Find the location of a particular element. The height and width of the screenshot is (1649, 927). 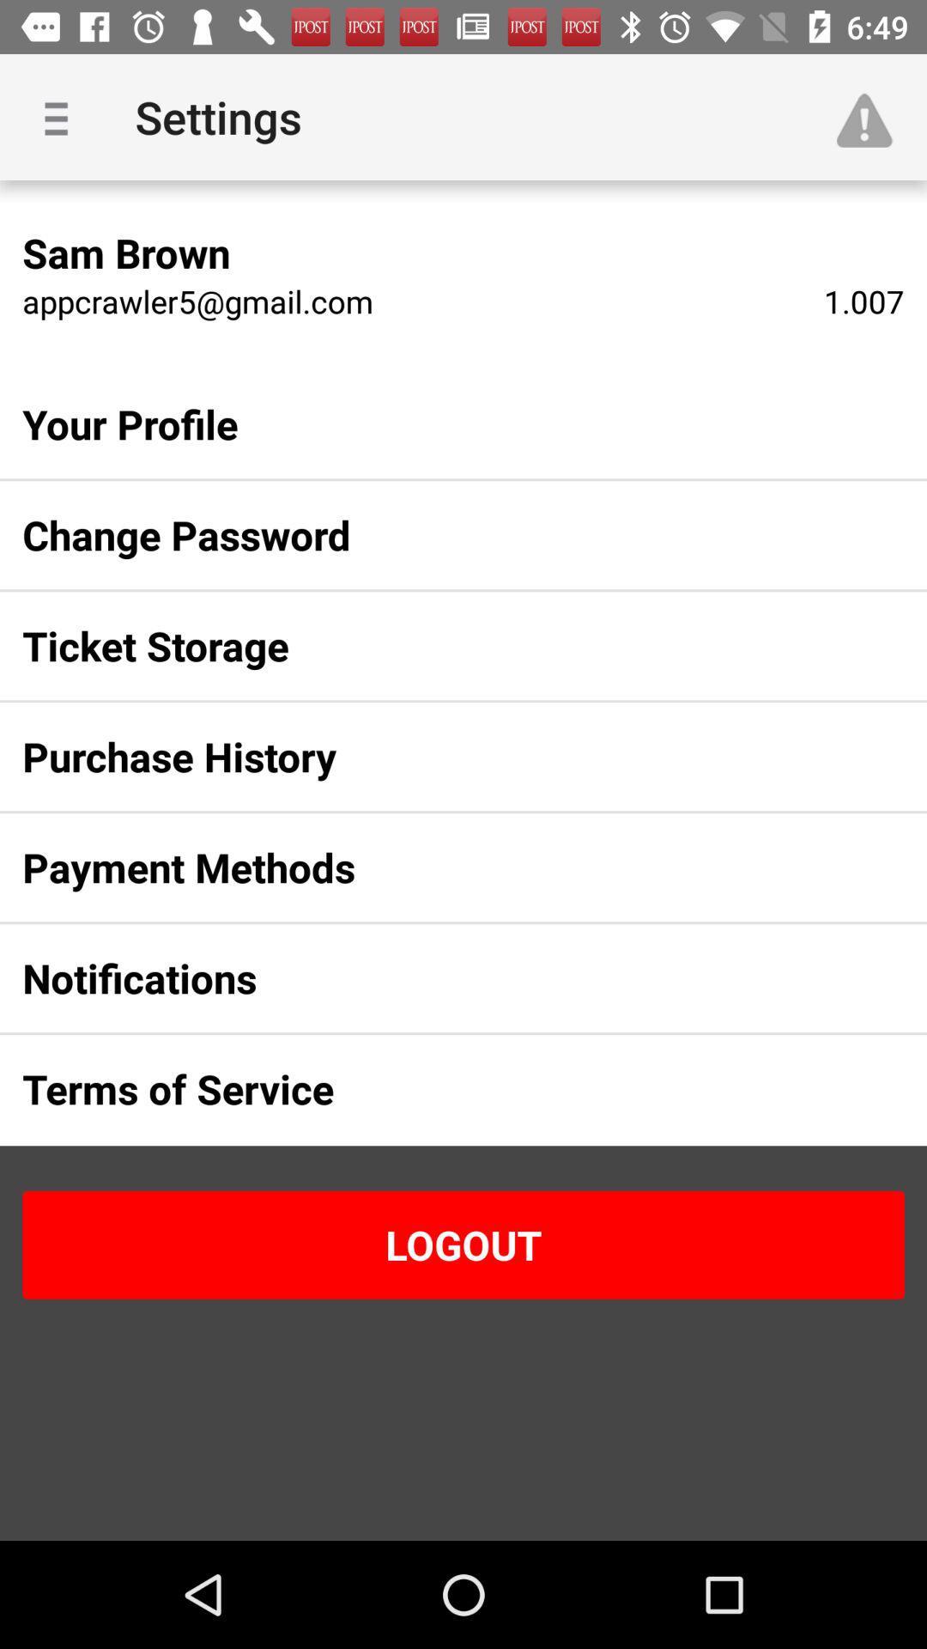

item below notifications icon is located at coordinates (435, 1088).